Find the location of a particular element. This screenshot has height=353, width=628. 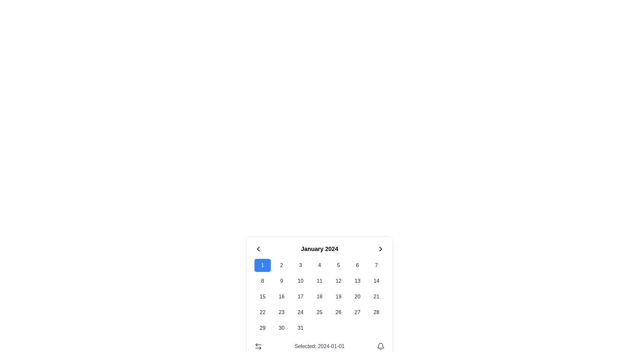

the blue button displaying '1' in the top-left corner of the calendar grid is located at coordinates (262, 265).